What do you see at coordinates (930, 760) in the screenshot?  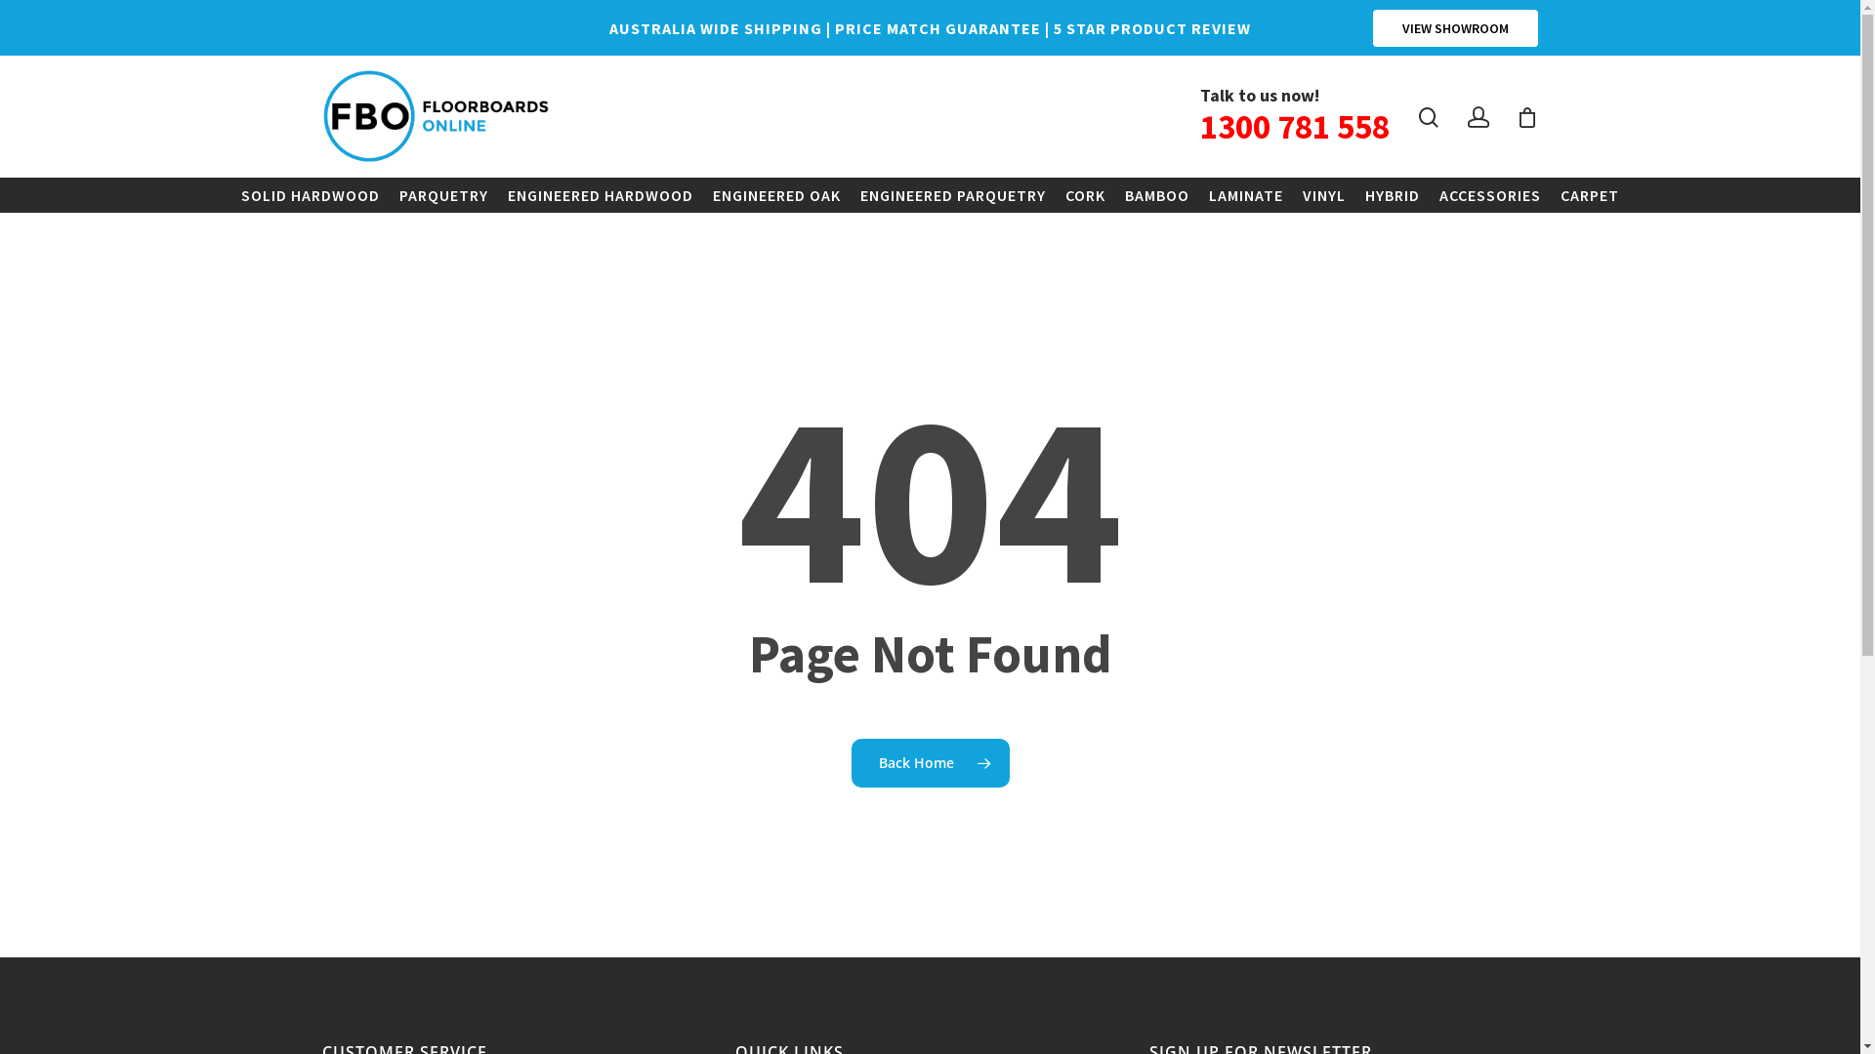 I see `'Back Home'` at bounding box center [930, 760].